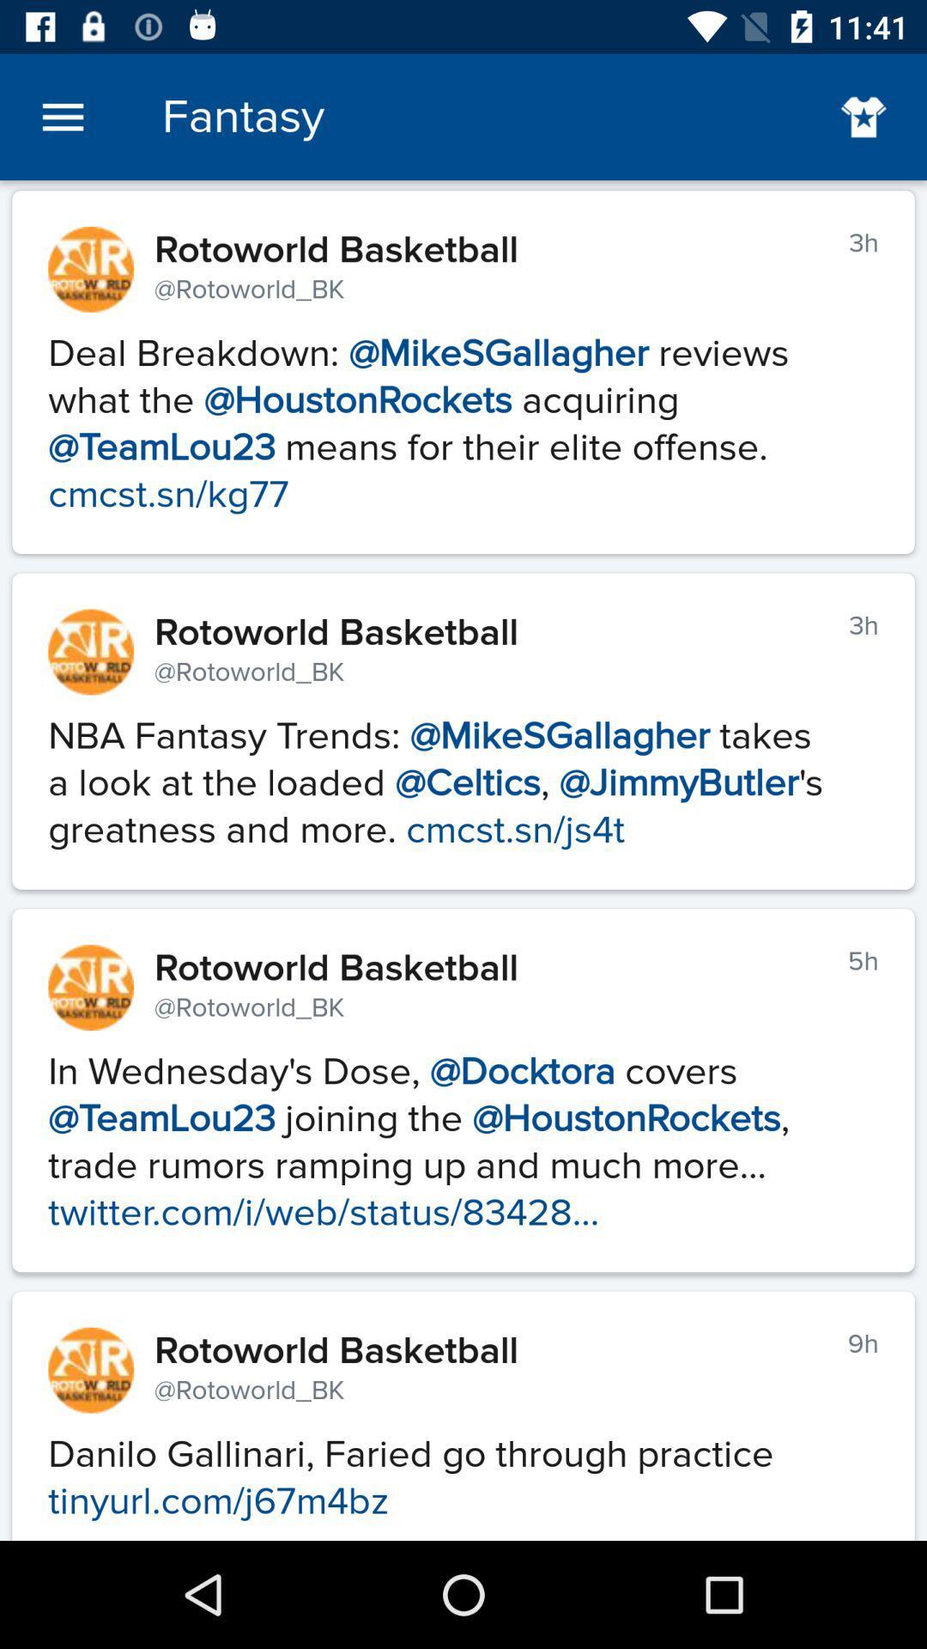 The width and height of the screenshot is (927, 1649). I want to click on the top left corner option, so click(62, 116).